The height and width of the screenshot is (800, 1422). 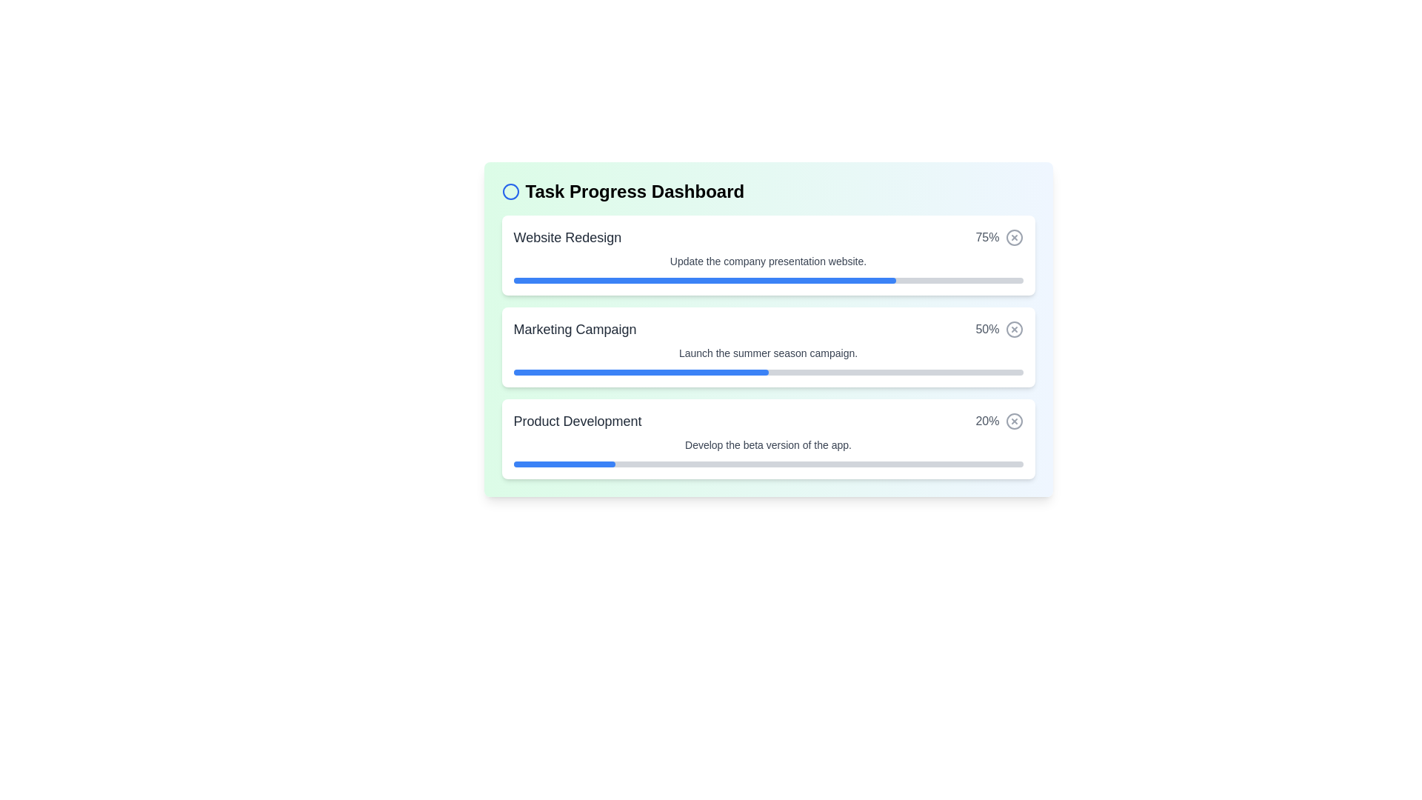 I want to click on progress bar located within the 'Marketing Campaign' card, which is a horizontal bar with a gray background and blue progress section, positioned beneath the text 'Launch the summer season campaign.', so click(x=768, y=371).